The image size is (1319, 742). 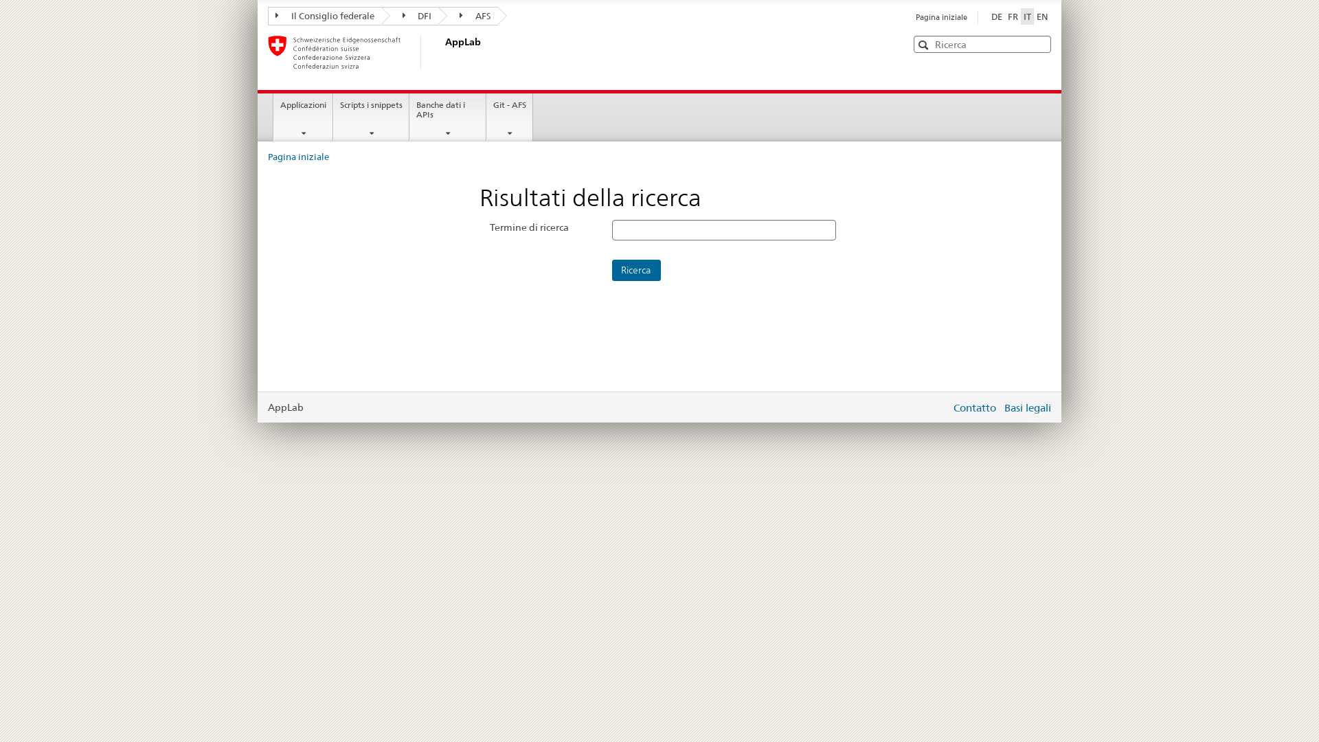 I want to click on 'Il Consiglio federale', so click(x=324, y=16).